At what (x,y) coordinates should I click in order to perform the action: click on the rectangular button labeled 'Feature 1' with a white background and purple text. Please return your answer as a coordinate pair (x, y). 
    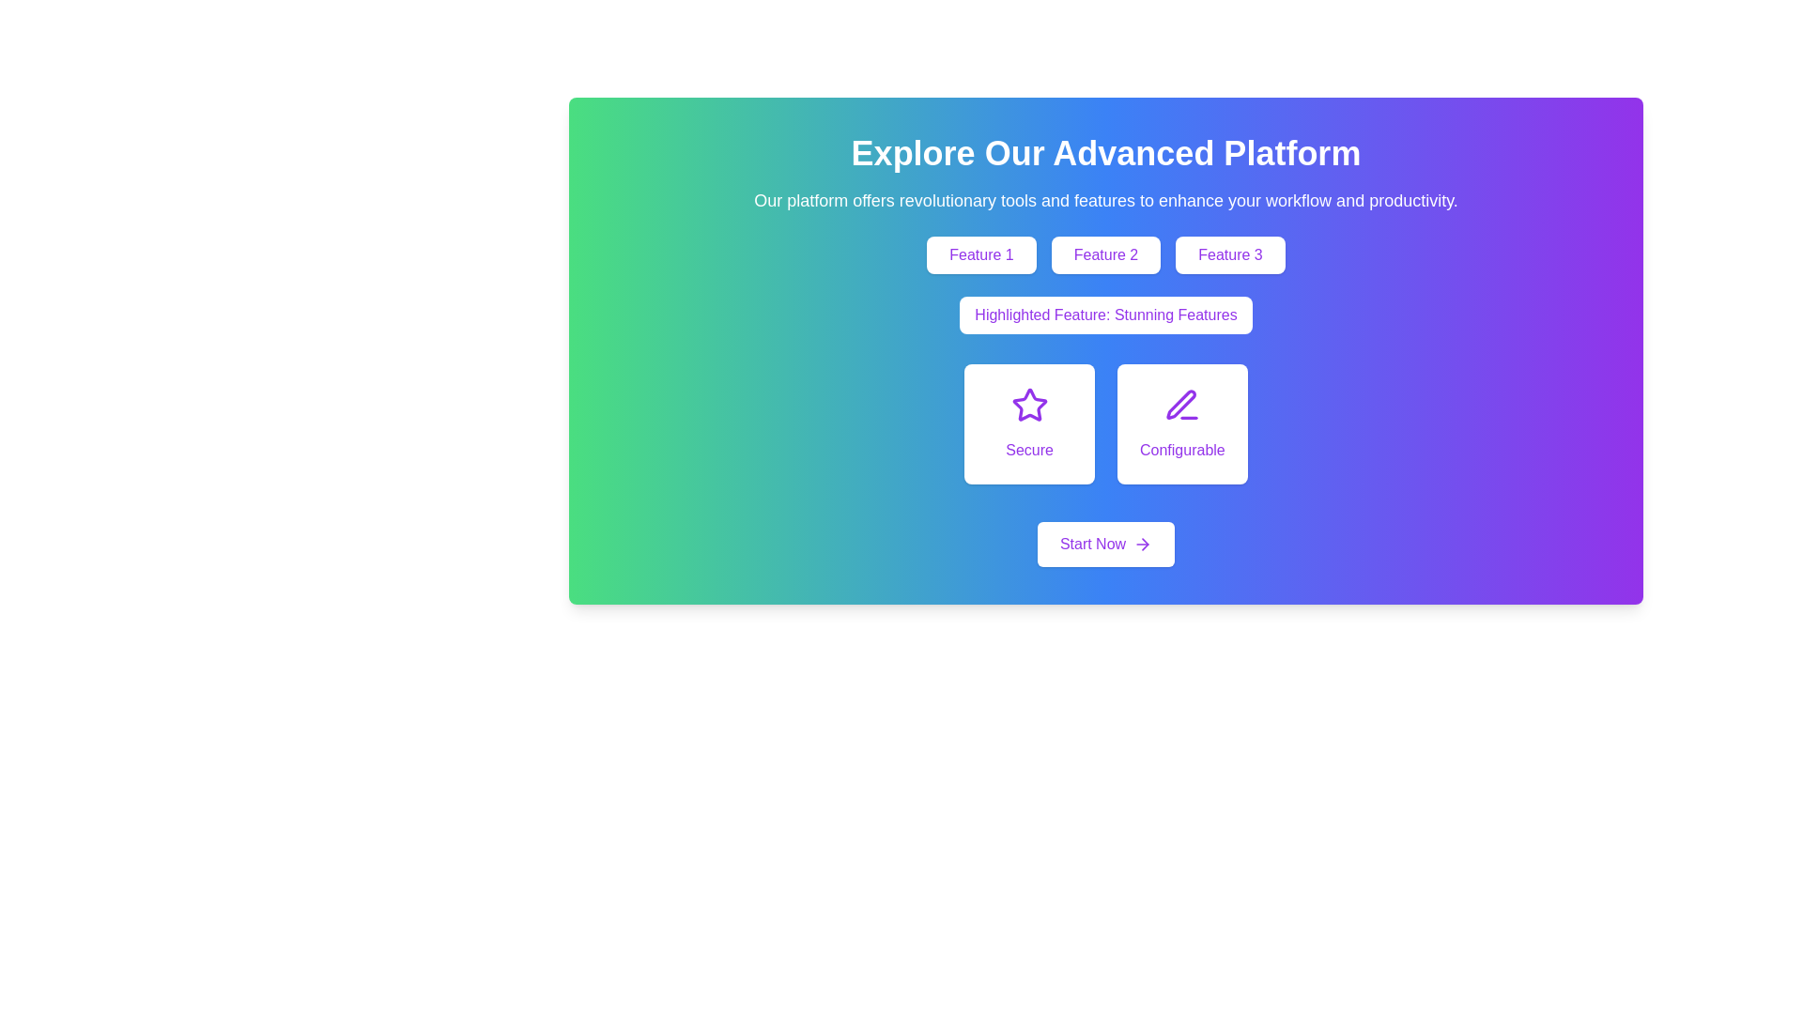
    Looking at the image, I should click on (980, 255).